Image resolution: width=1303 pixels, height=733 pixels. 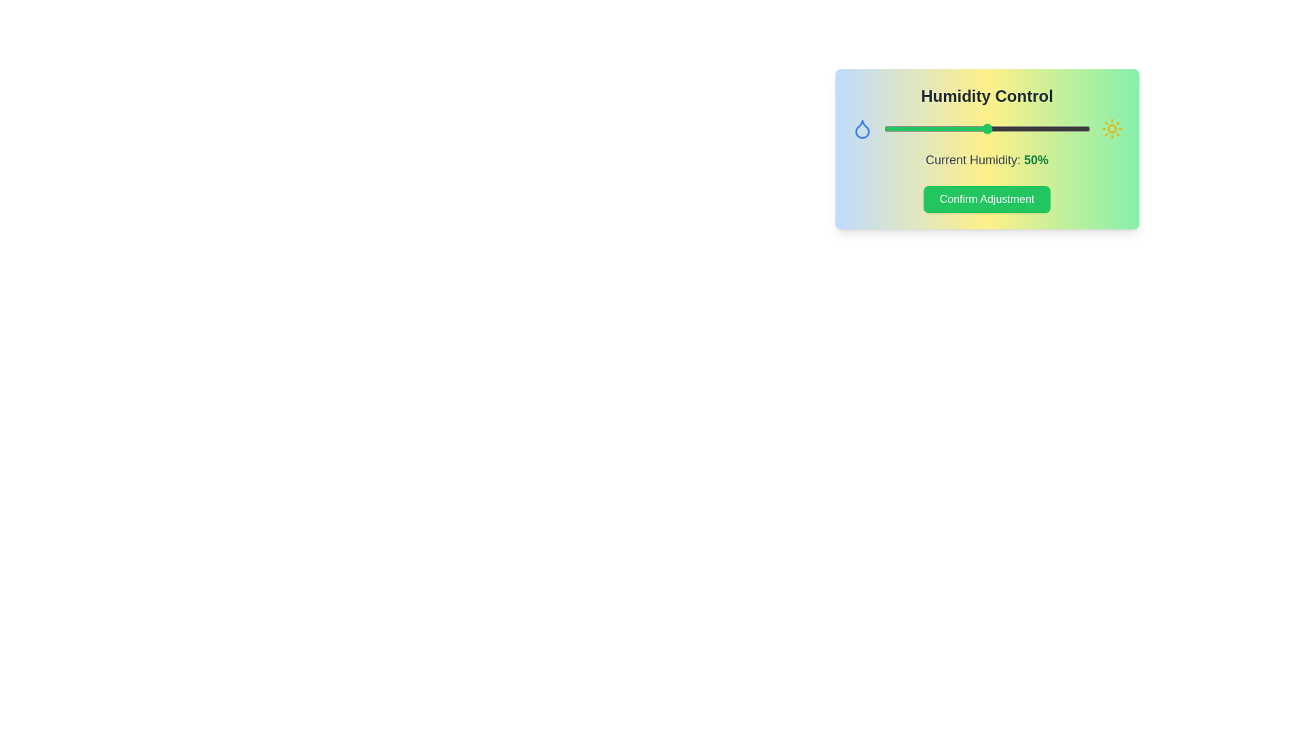 What do you see at coordinates (884, 128) in the screenshot?
I see `the humidity slider to 0%` at bounding box center [884, 128].